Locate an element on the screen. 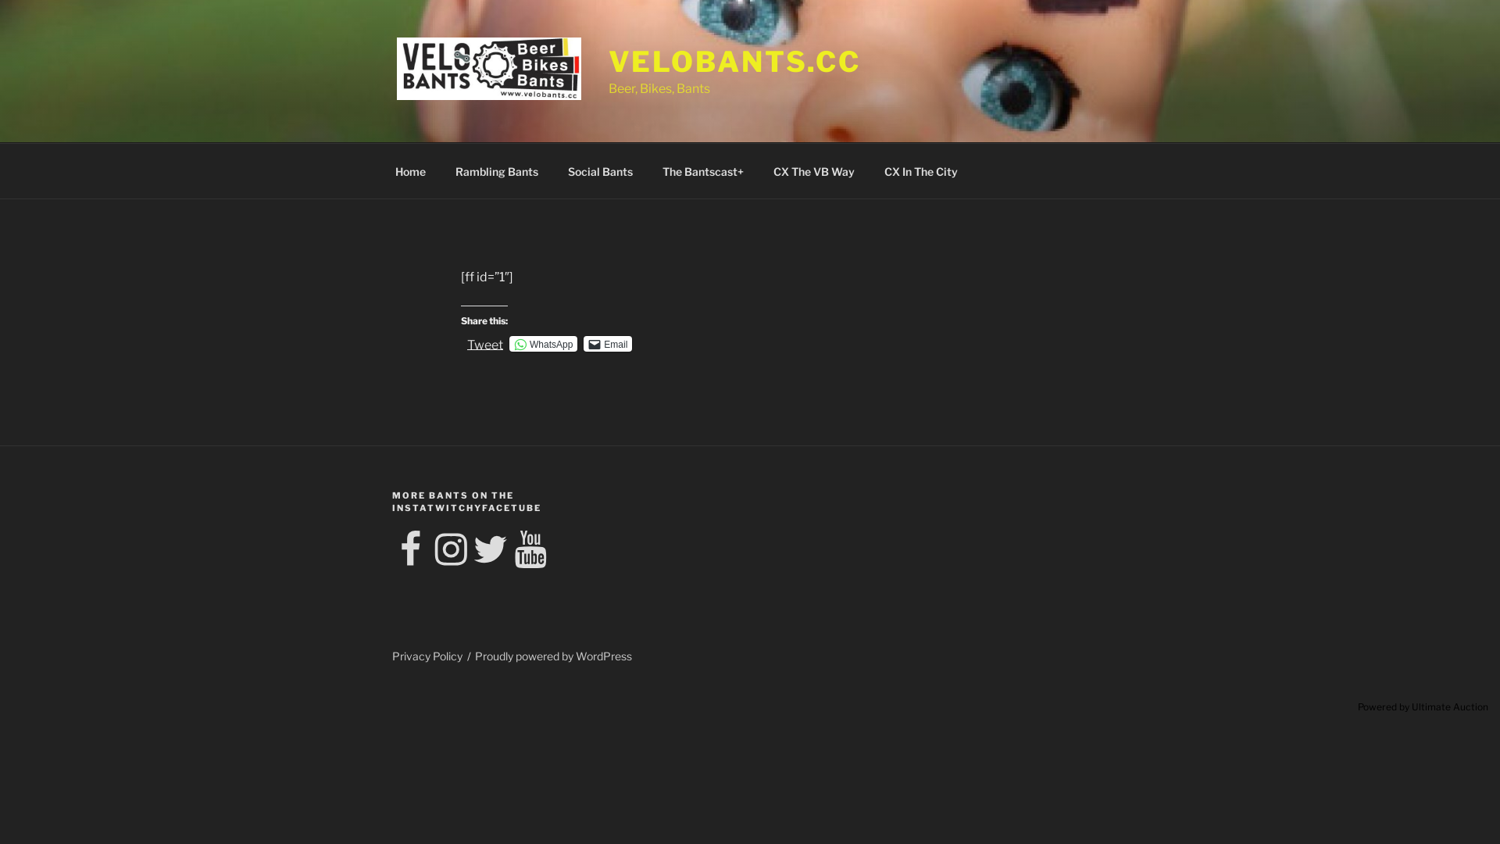 The height and width of the screenshot is (844, 1500). 'Facebook' is located at coordinates (411, 549).